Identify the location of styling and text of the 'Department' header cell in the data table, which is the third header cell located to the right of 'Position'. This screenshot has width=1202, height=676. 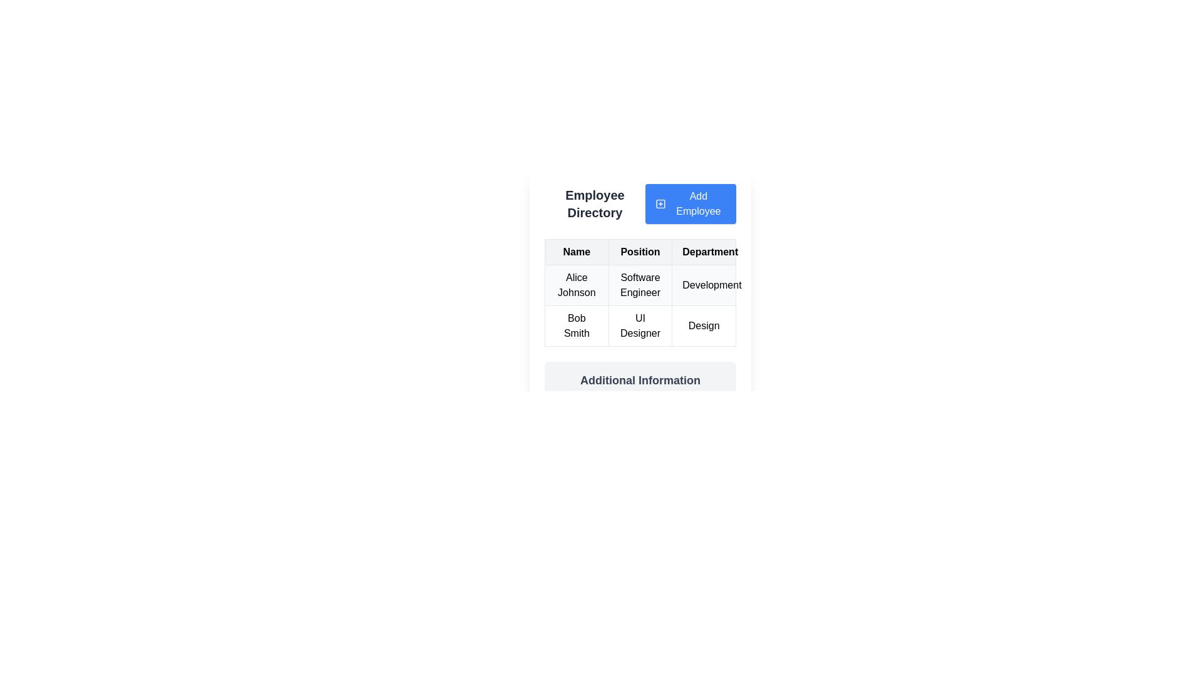
(704, 252).